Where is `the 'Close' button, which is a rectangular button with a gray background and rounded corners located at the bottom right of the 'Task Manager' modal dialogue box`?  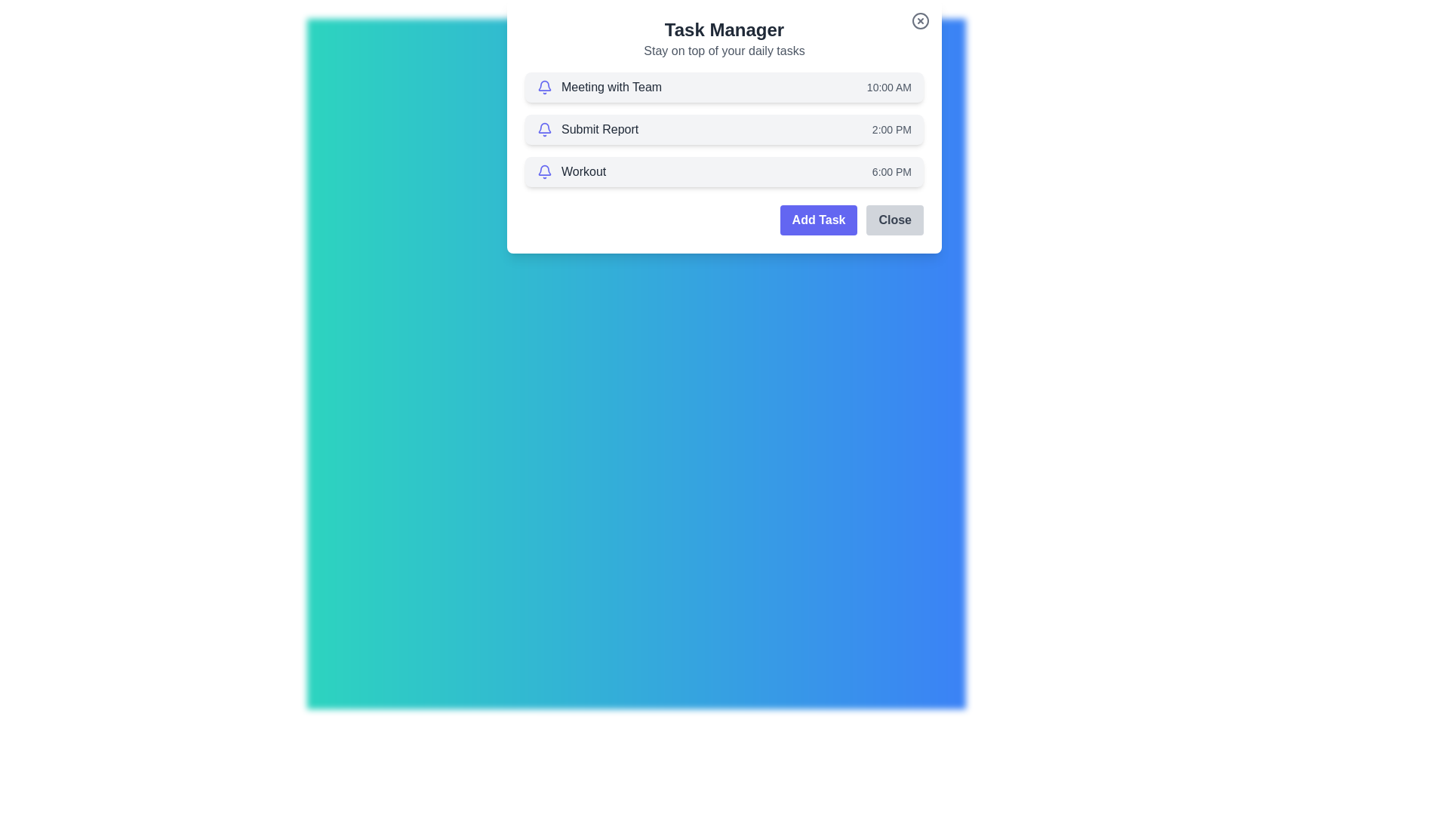
the 'Close' button, which is a rectangular button with a gray background and rounded corners located at the bottom right of the 'Task Manager' modal dialogue box is located at coordinates (895, 220).